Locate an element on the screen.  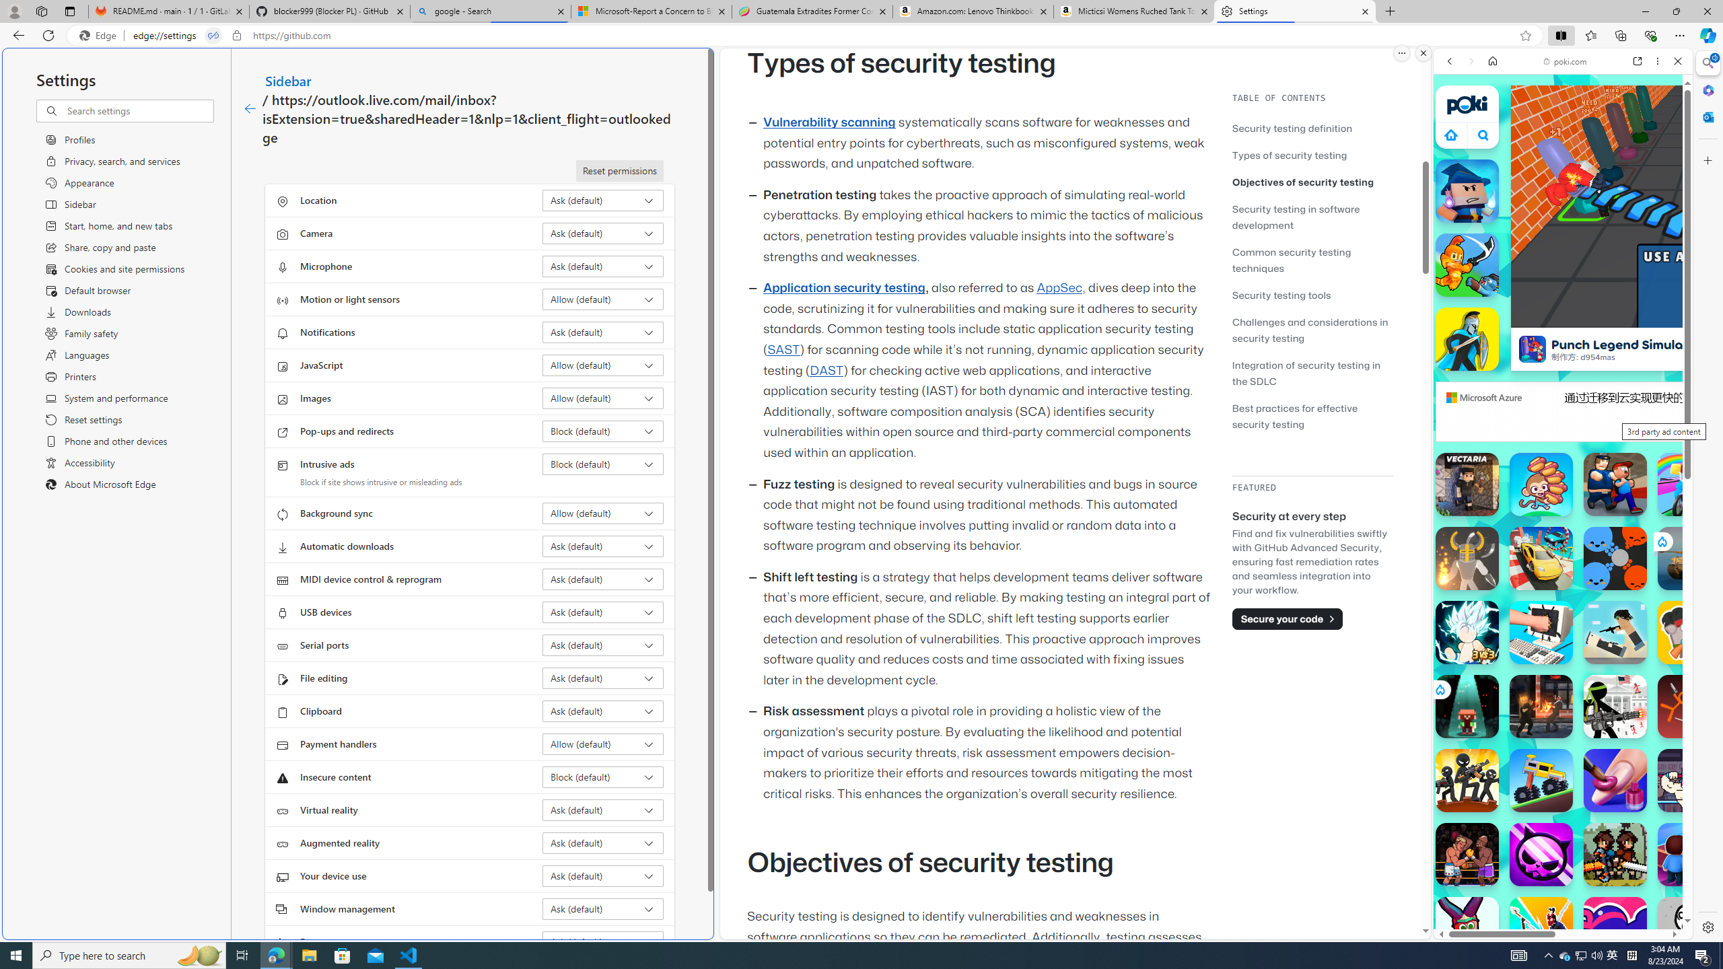
'Best practices for effective security testing' is located at coordinates (1312, 415).